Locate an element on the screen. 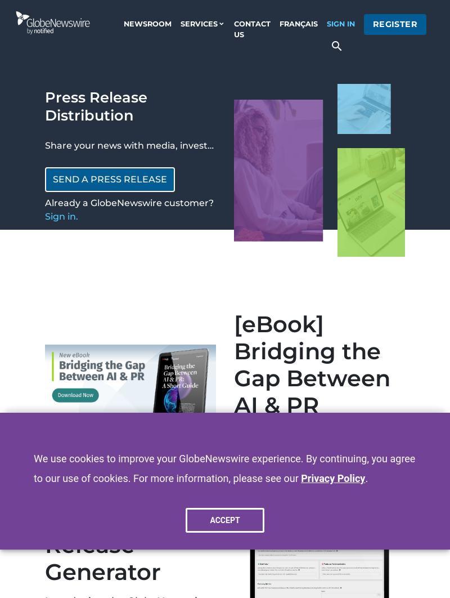 Image resolution: width=450 pixels, height=598 pixels. 'east' is located at coordinates (323, 457).